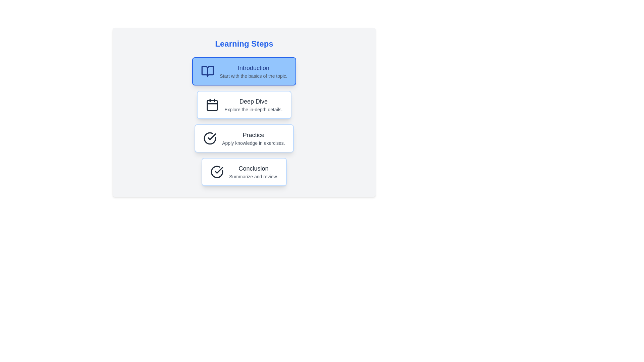  Describe the element at coordinates (244, 44) in the screenshot. I see `the static text header 'Learning Steps' which provides context for the following content in the interface` at that location.